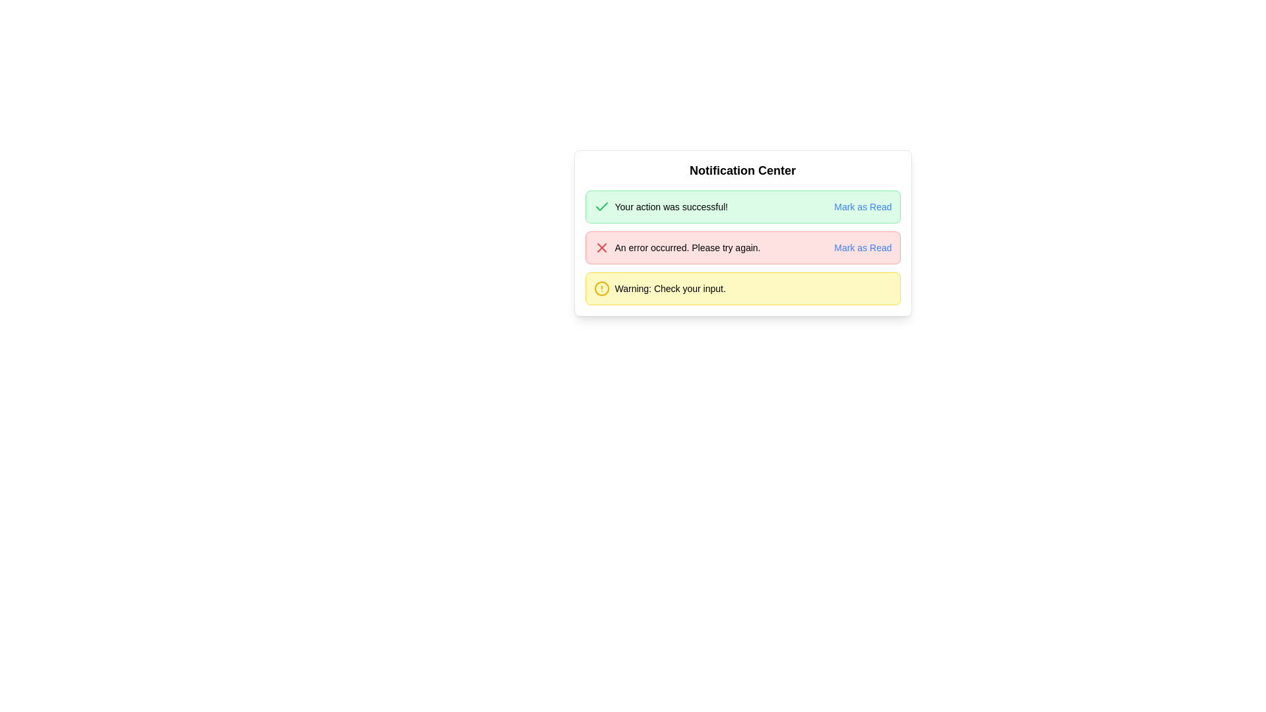 This screenshot has height=712, width=1266. Describe the element at coordinates (601, 206) in the screenshot. I see `the visual indicator icon for successful action feedback located to the left of the first notification message in the Notification Center` at that location.